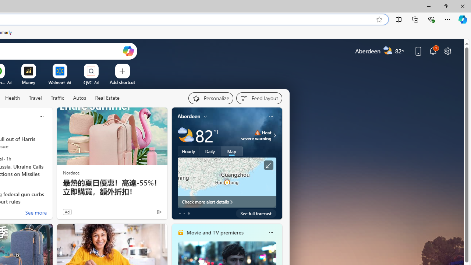  I want to click on 'Class: weather-arrow-glyph', so click(274, 135).